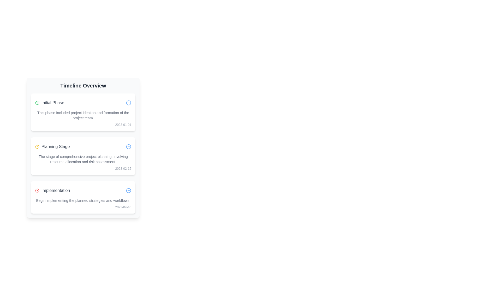 The image size is (501, 282). What do you see at coordinates (37, 190) in the screenshot?
I see `the icon indicating the 'Implementation' section status` at bounding box center [37, 190].